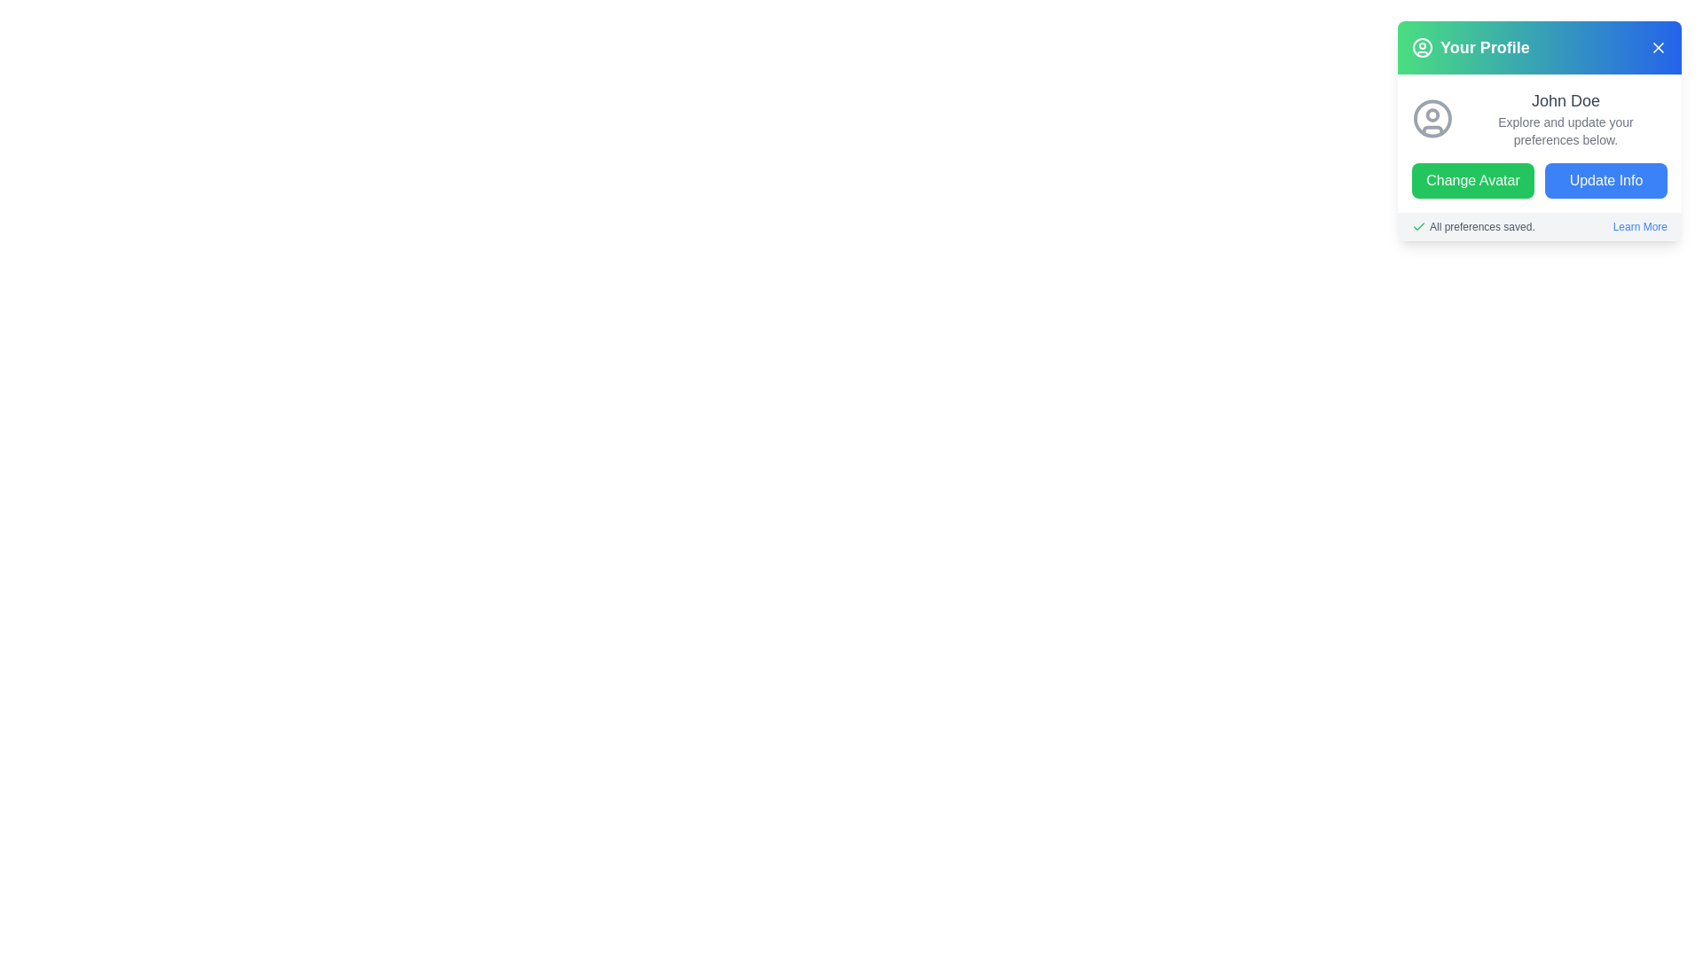 The image size is (1703, 958). What do you see at coordinates (1639, 225) in the screenshot?
I see `the text link located to the right of the 'All preferences saved.' message` at bounding box center [1639, 225].